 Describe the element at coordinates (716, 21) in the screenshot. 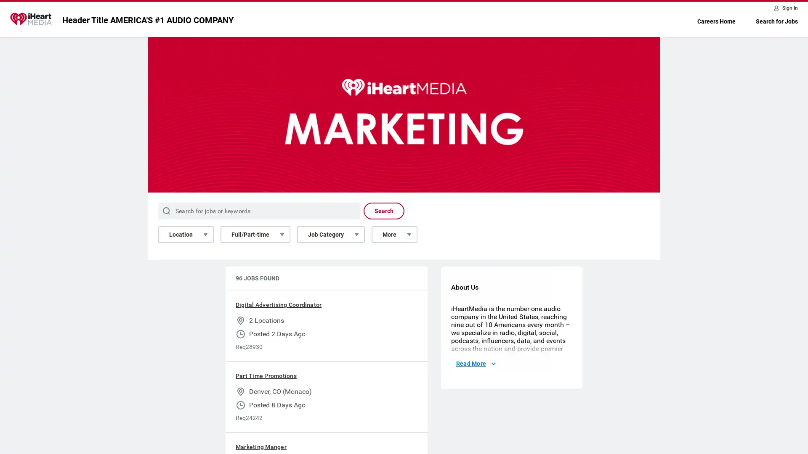

I see `Careers Home` at that location.